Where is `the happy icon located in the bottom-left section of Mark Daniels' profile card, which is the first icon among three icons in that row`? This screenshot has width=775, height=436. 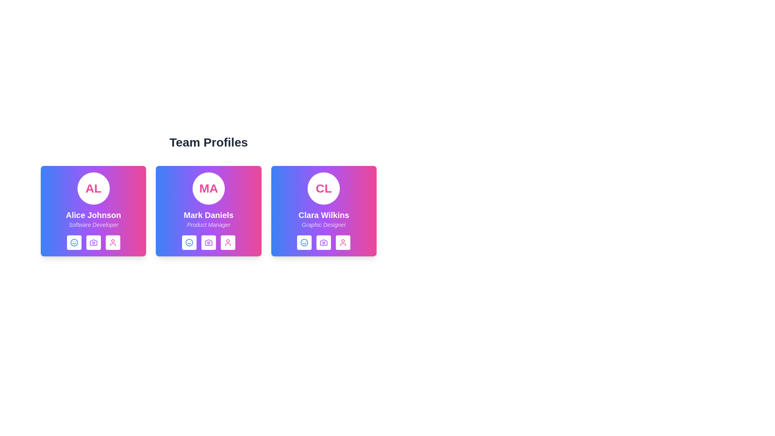
the happy icon located in the bottom-left section of Mark Daniels' profile card, which is the first icon among three icons in that row is located at coordinates (189, 242).